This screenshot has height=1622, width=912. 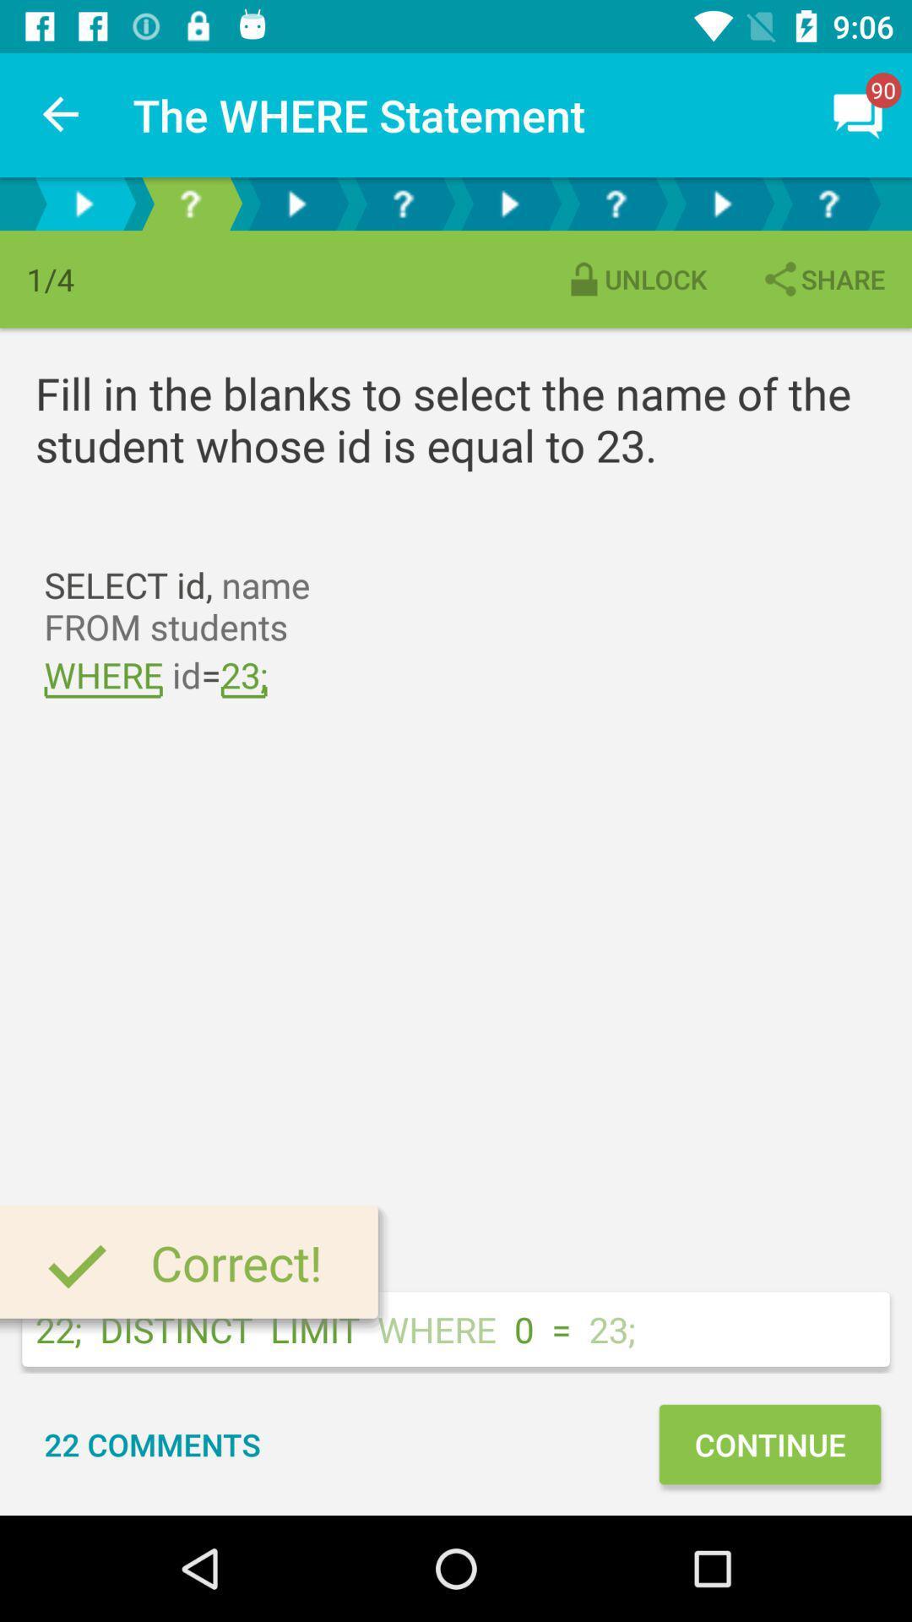 I want to click on item above the fill in the icon, so click(x=822, y=279).